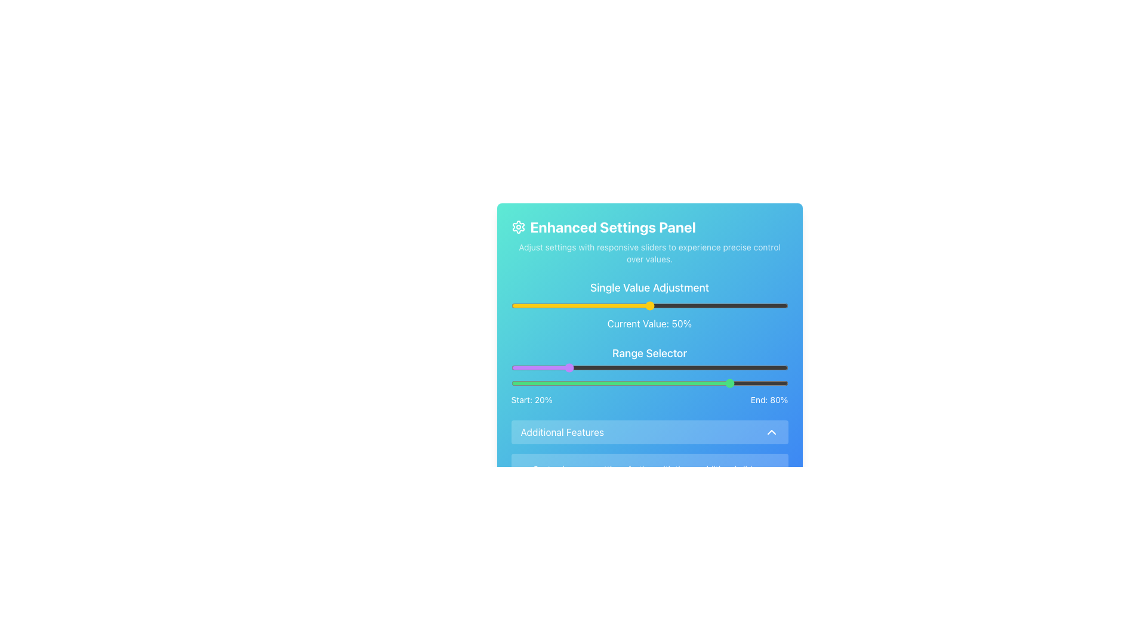  I want to click on the range slider, so click(738, 367).